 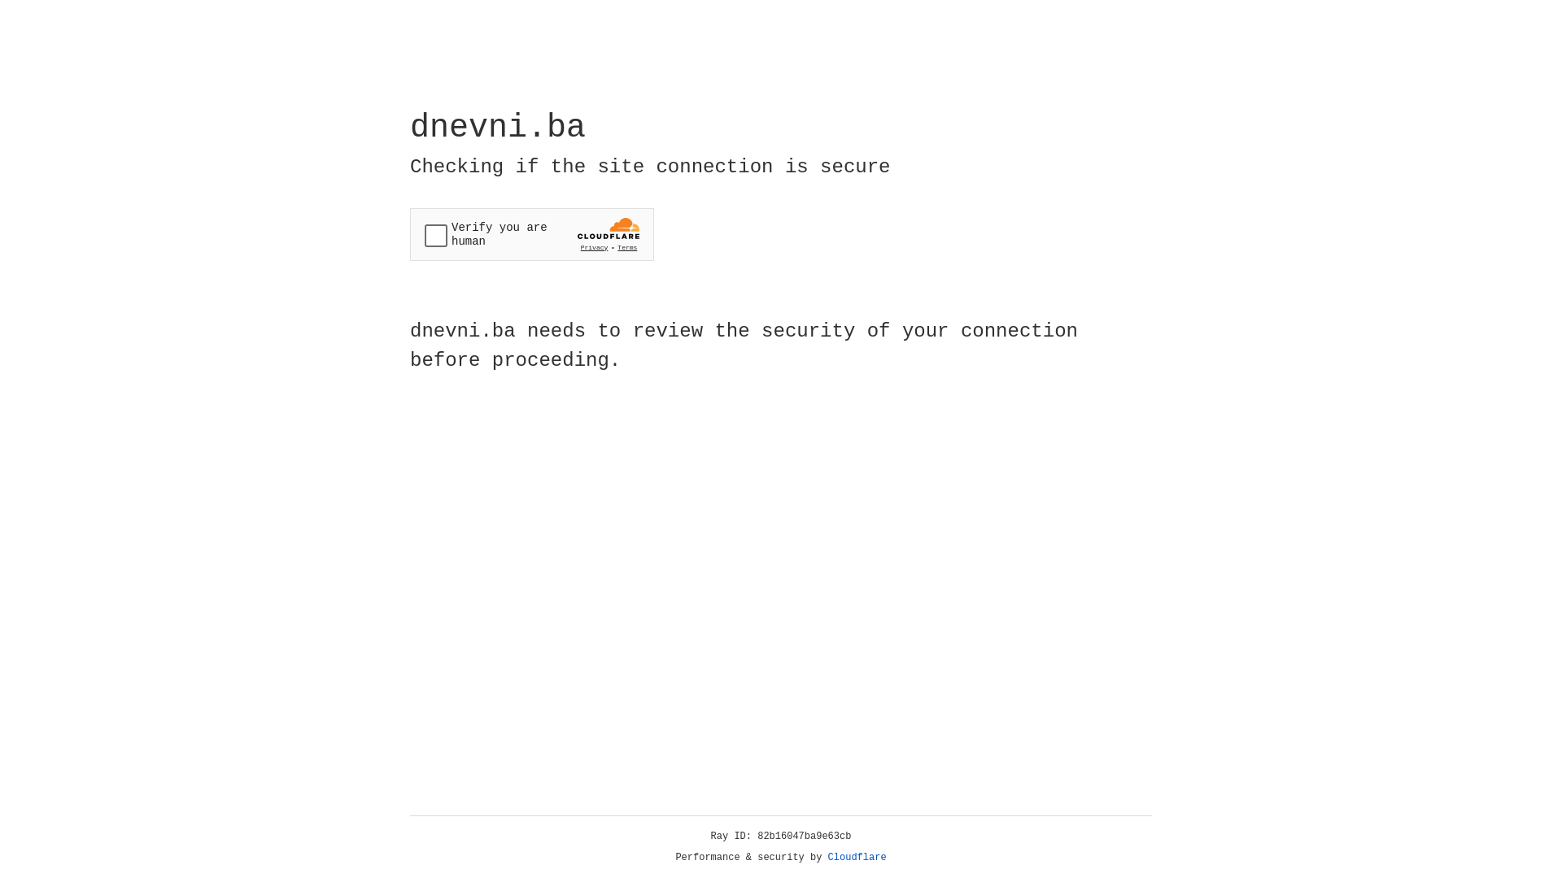 What do you see at coordinates (827, 857) in the screenshot?
I see `'Cloudflare'` at bounding box center [827, 857].